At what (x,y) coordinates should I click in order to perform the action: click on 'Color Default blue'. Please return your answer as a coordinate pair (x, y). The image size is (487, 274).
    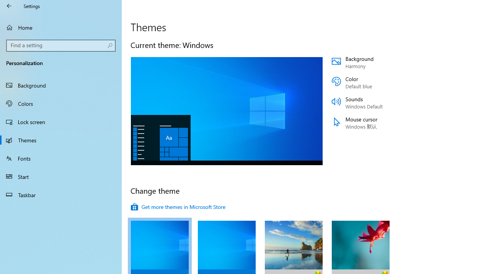
    Looking at the image, I should click on (377, 83).